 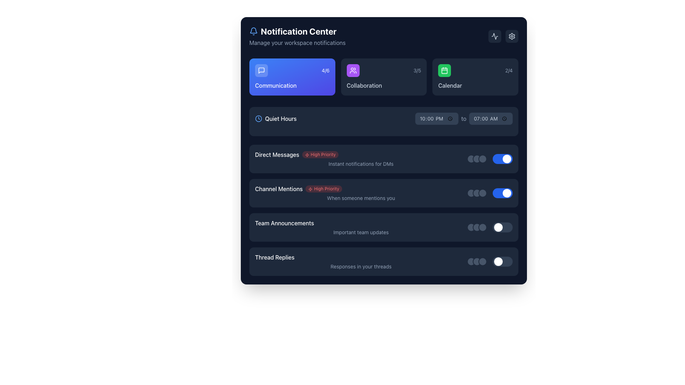 I want to click on the displayed fraction in the Text label located in the upper section of the interface inside the blue rectangle labeled 'Communication', positioned towards the top-right corner, so click(x=325, y=70).